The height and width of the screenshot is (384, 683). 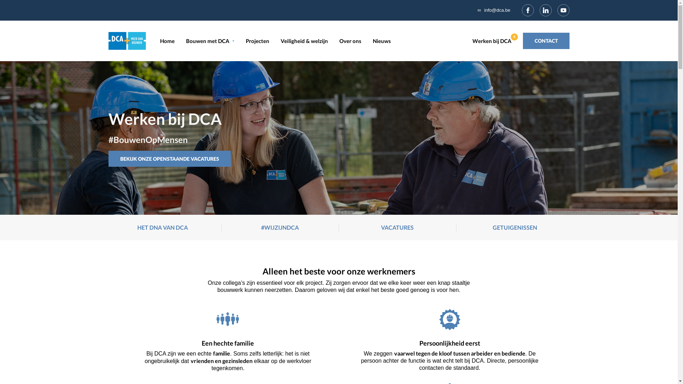 I want to click on 'GETUIGENISSEN', so click(x=515, y=228).